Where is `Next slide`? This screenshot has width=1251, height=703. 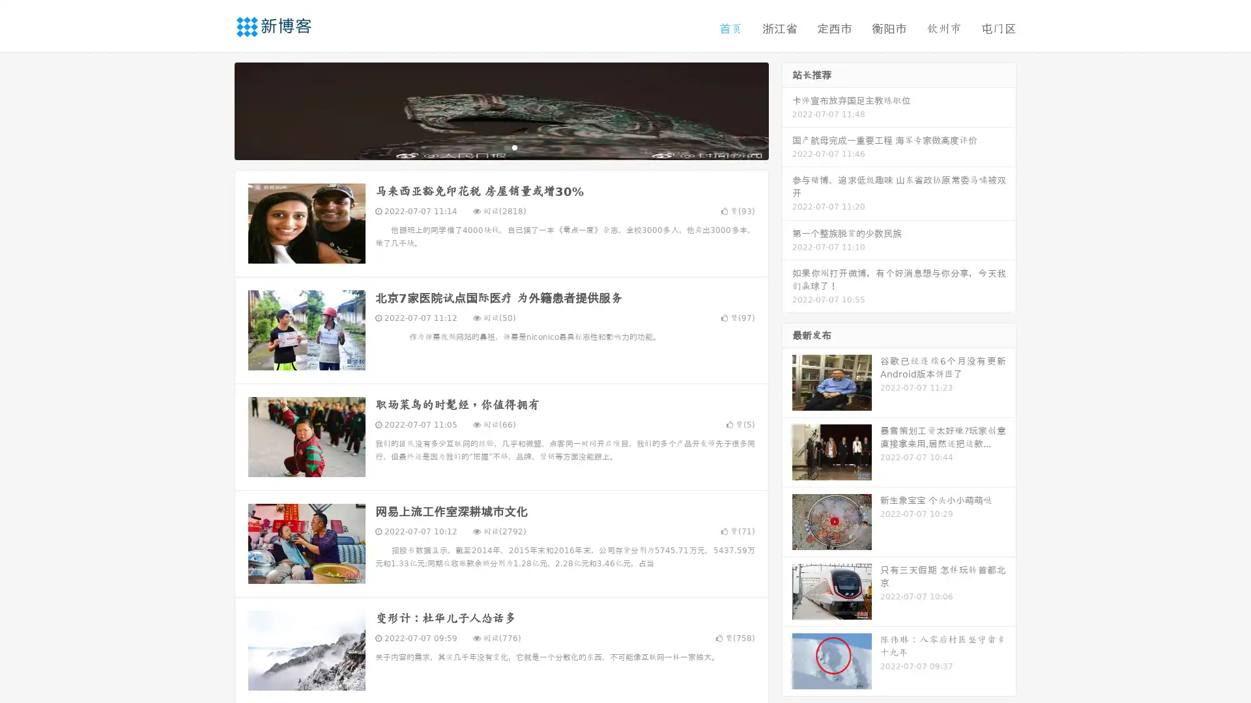 Next slide is located at coordinates (787, 109).